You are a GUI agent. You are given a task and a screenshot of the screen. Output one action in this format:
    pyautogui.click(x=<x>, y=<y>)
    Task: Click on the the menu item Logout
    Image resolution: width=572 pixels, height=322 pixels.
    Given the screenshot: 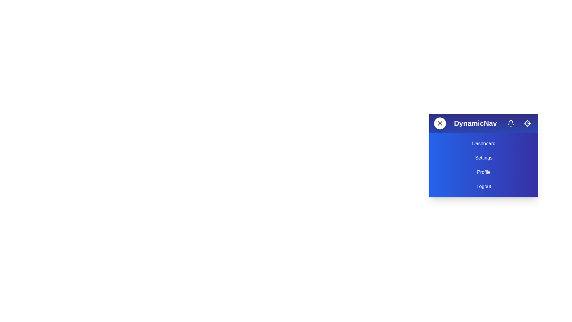 What is the action you would take?
    pyautogui.click(x=484, y=186)
    